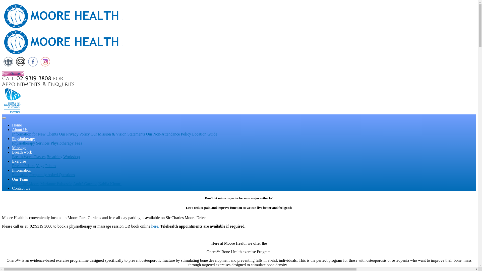 The width and height of the screenshot is (482, 271). Describe the element at coordinates (19, 147) in the screenshot. I see `'Massage'` at that location.